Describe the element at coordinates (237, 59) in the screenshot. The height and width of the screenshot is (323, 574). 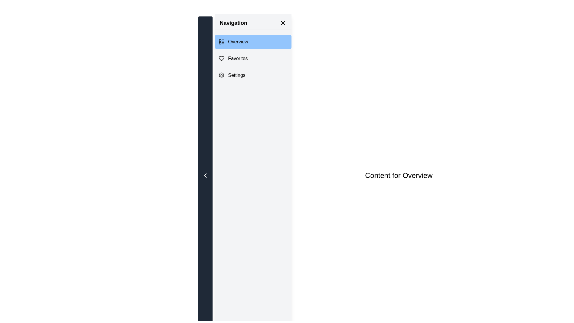
I see `the 'Favorites' text label in the navigation menu, which is positioned centrally between the 'Overview' and 'Settings' options` at that location.